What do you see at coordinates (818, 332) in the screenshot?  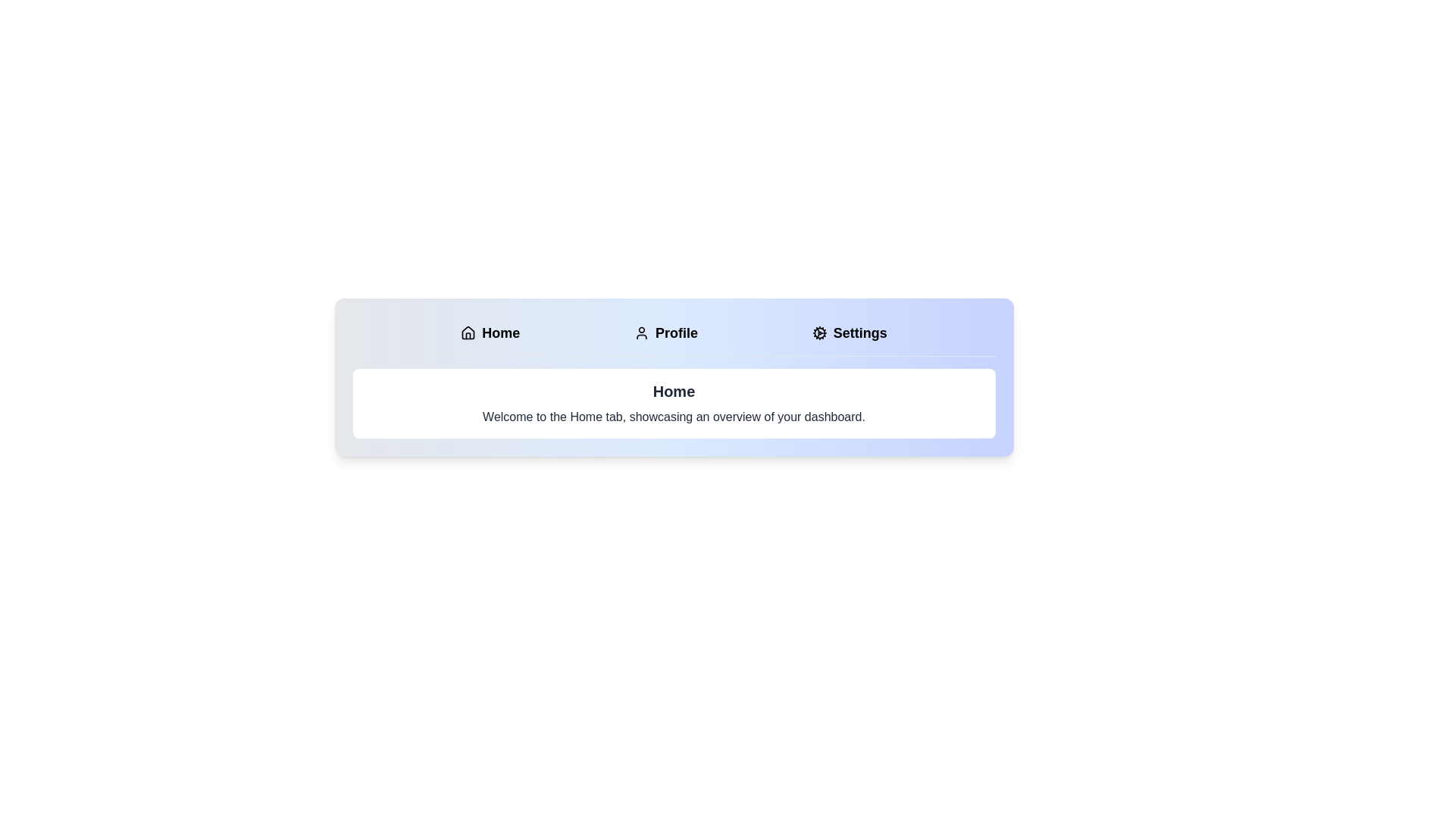 I see `the settings icon located at the left end of the 'Settings' tab in the horizontal navigation header` at bounding box center [818, 332].